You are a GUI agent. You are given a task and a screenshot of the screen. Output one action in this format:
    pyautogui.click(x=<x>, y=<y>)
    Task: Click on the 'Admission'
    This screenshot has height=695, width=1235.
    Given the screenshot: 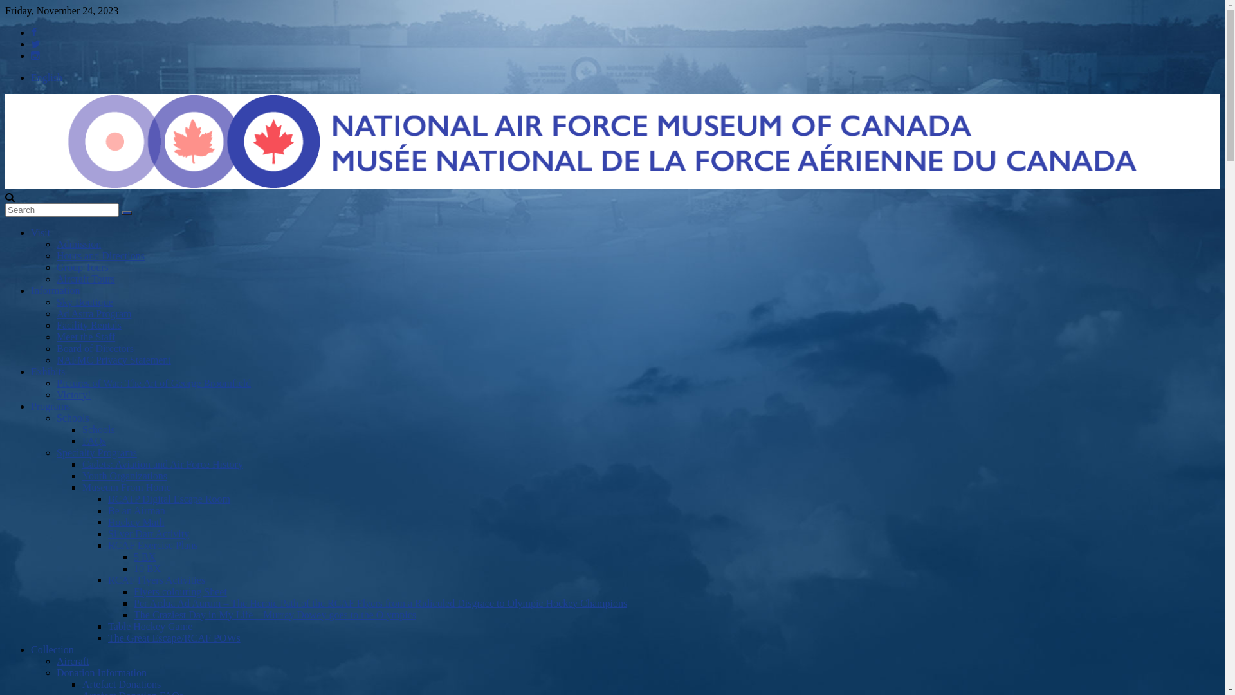 What is the action you would take?
    pyautogui.click(x=78, y=244)
    